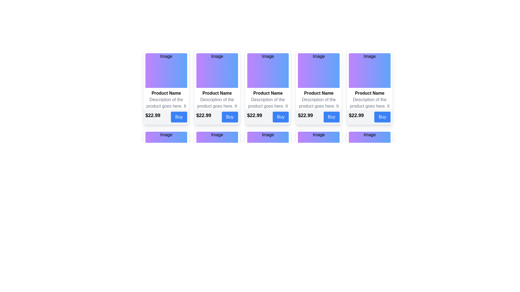 The image size is (520, 292). I want to click on product name and description from the product card component, which is the third element in a grid layout displaying product details, so click(268, 87).